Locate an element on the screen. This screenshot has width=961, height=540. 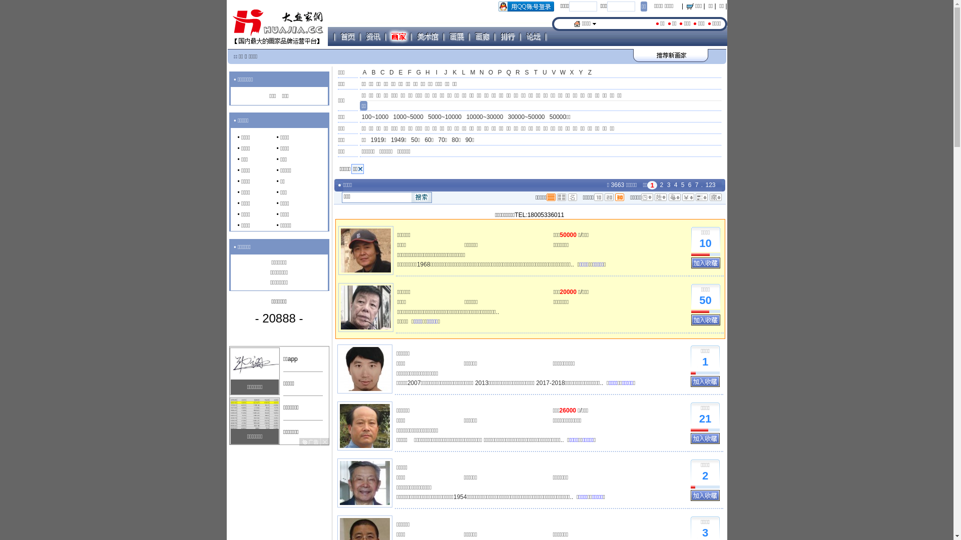
'C' is located at coordinates (381, 72).